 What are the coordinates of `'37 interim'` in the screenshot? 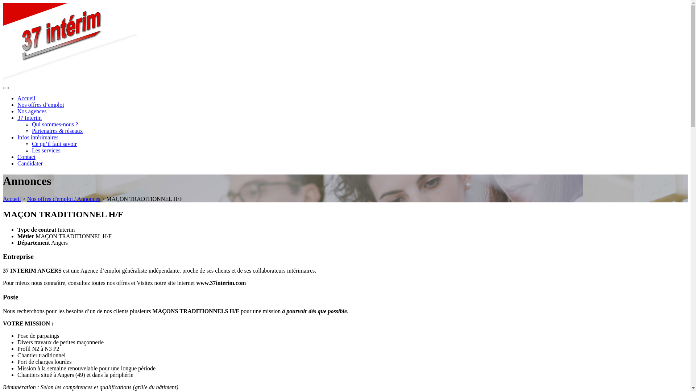 It's located at (70, 79).